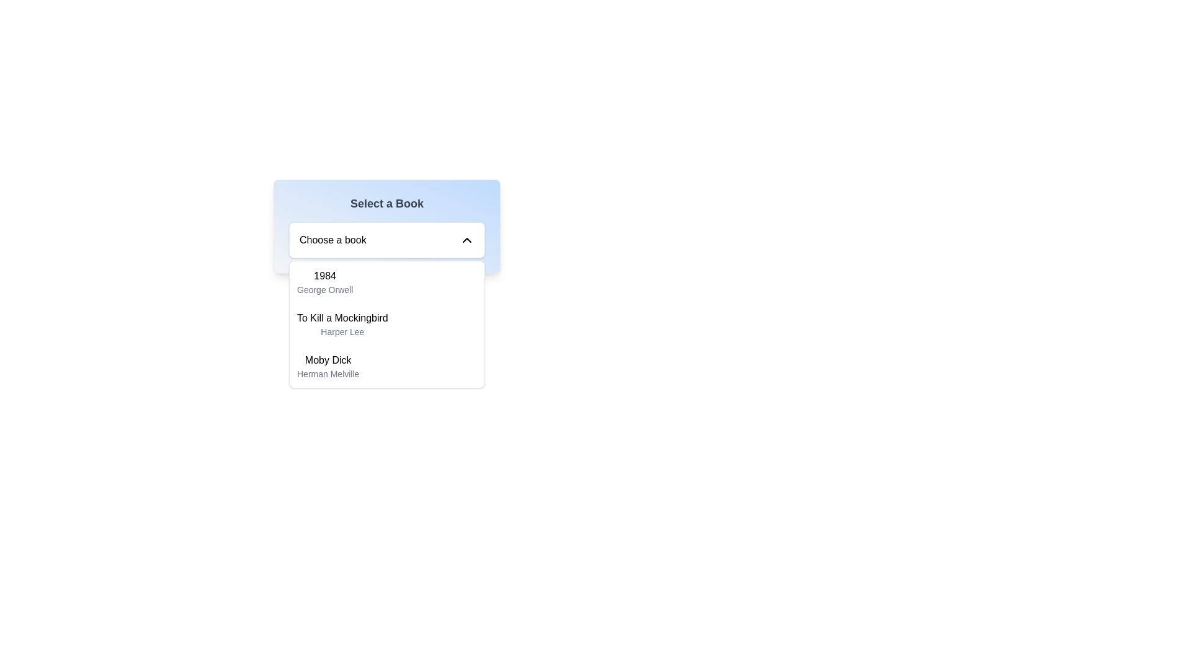  What do you see at coordinates (328, 361) in the screenshot?
I see `the text label displaying 'Moby Dick' in a medium font weight` at bounding box center [328, 361].